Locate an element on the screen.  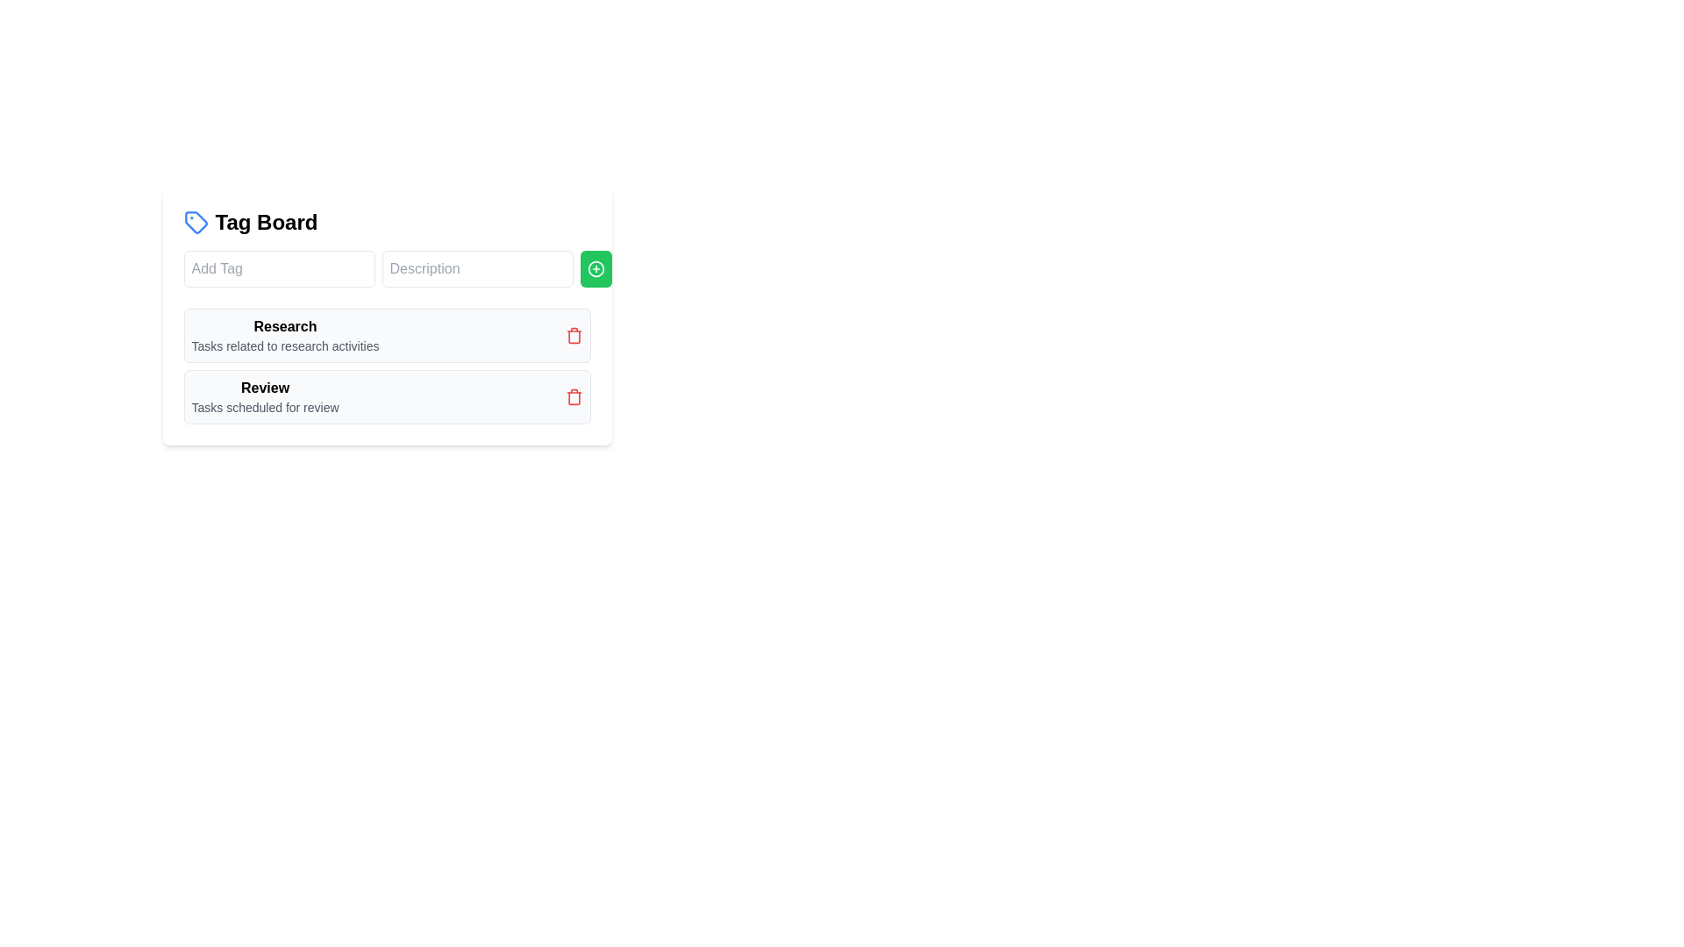
the main body of the tag icon located at the top left corner of the 'Tag Board' section, which visually represents a tag for categorization or labeling of items is located at coordinates (196, 222).